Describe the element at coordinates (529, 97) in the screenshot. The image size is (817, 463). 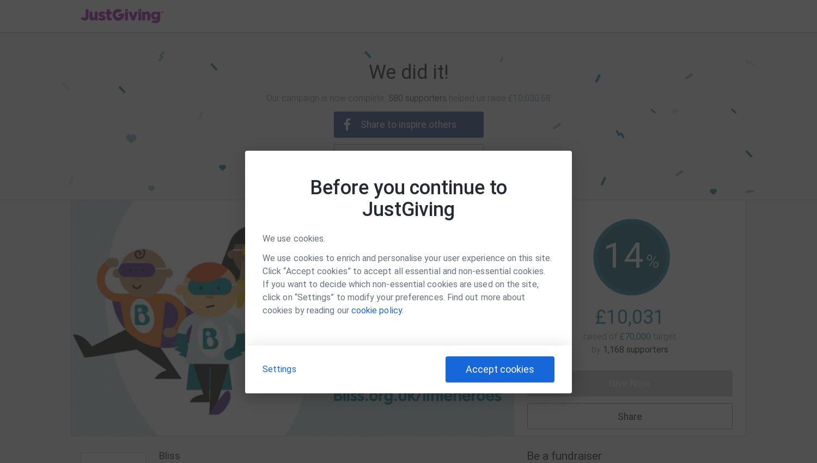
I see `'£10,030.68'` at that location.